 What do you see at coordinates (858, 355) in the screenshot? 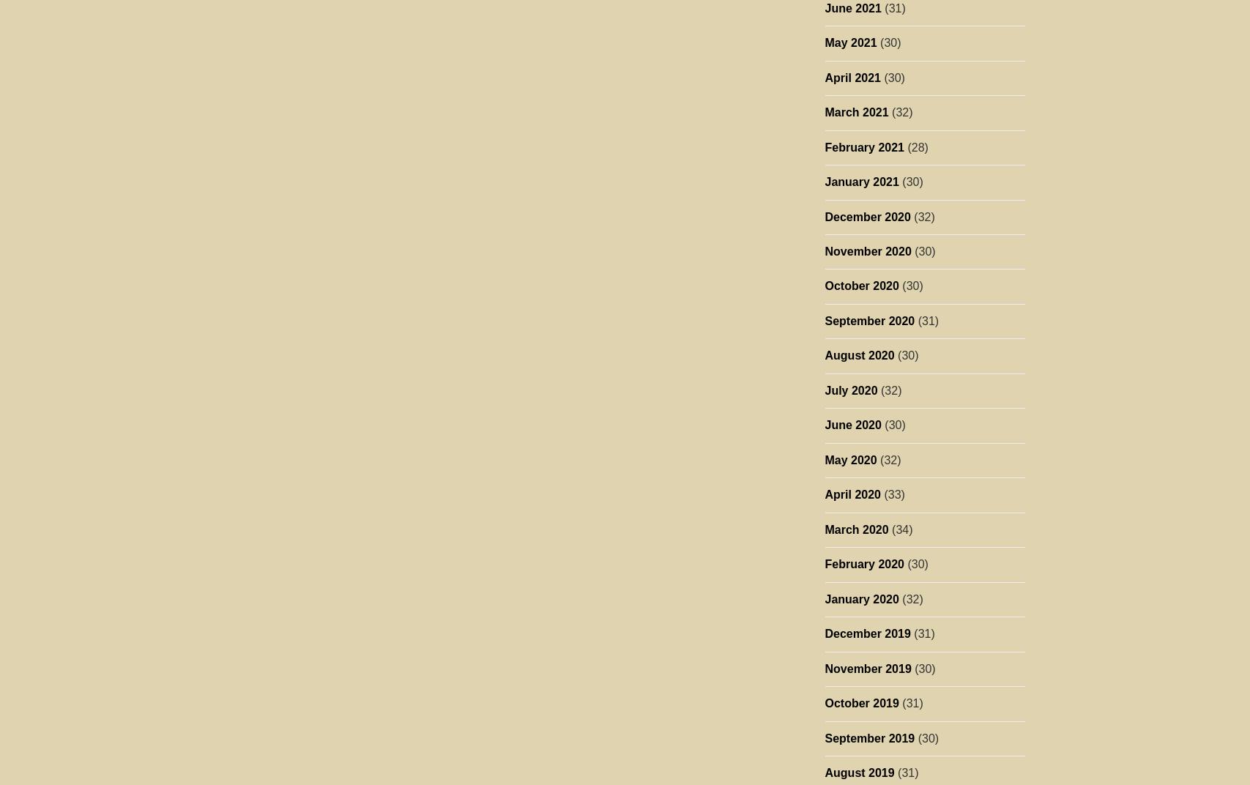
I see `'August 2020'` at bounding box center [858, 355].